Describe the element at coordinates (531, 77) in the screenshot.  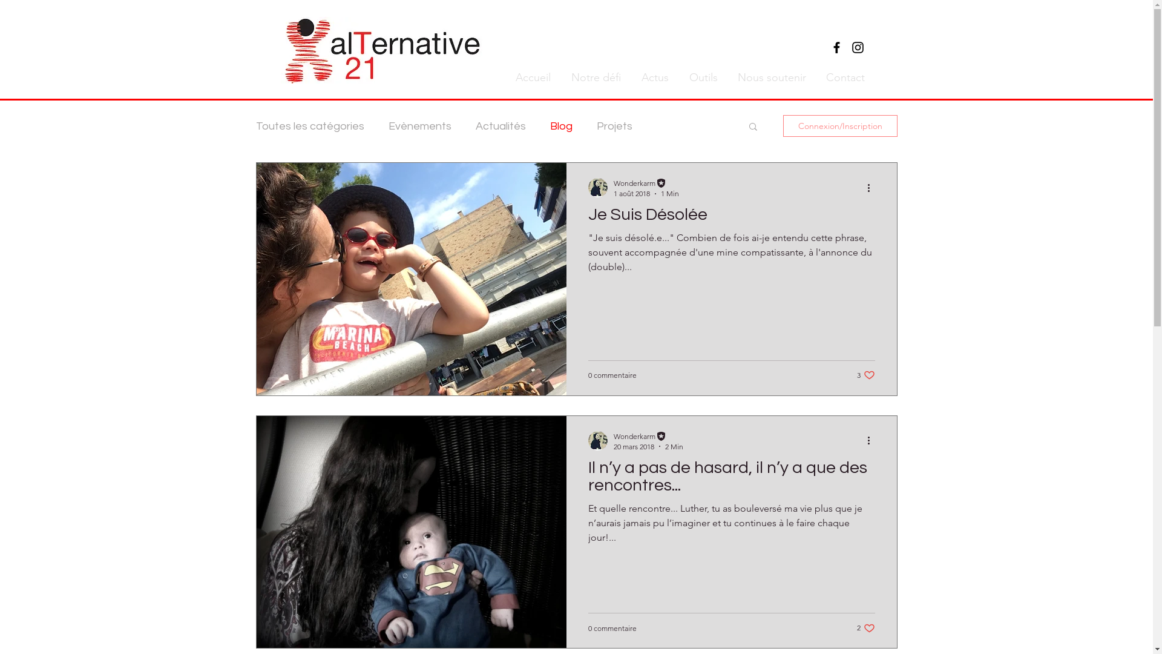
I see `'Accueil'` at that location.